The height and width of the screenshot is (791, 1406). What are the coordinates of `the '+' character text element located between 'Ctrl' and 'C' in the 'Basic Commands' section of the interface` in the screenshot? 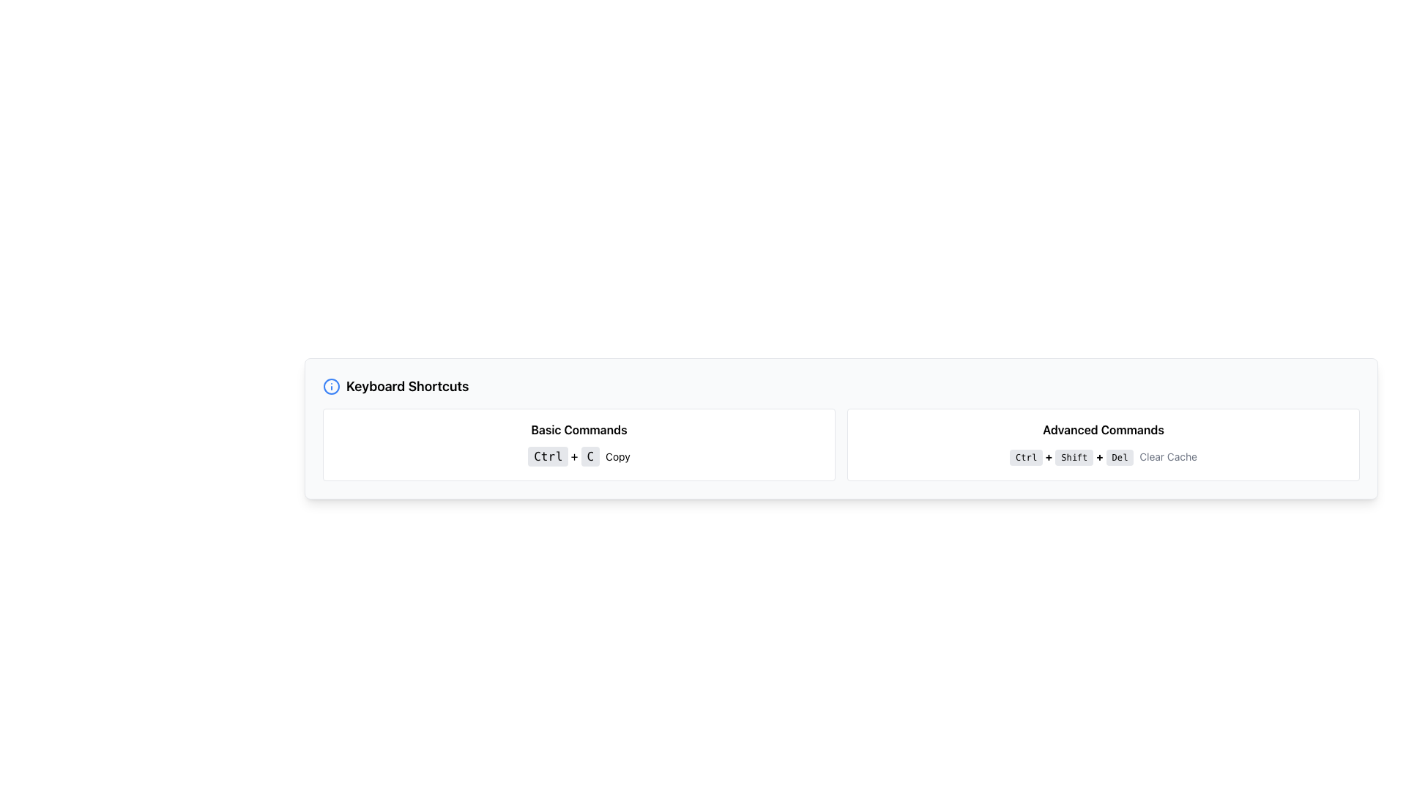 It's located at (573, 456).